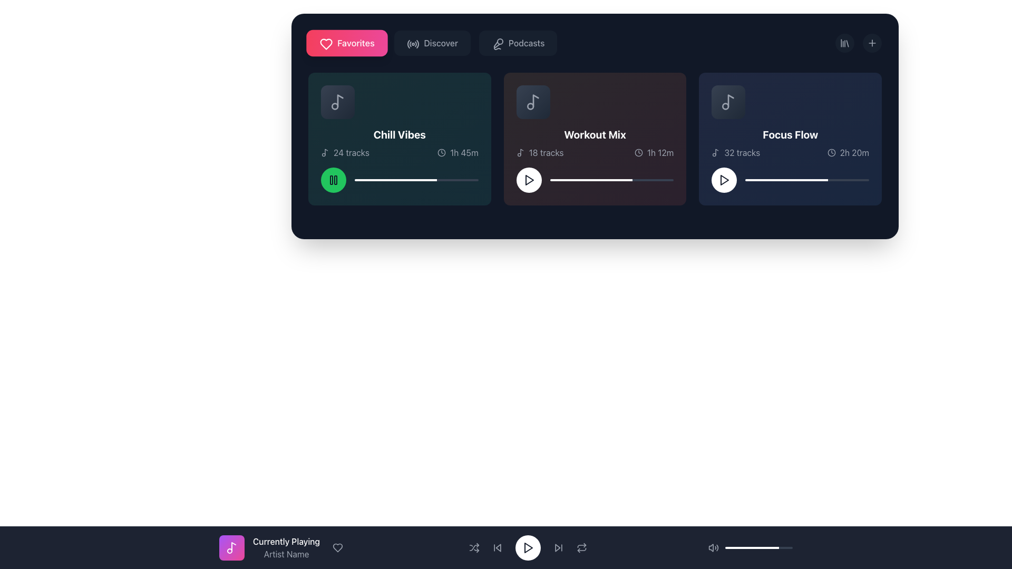 This screenshot has height=569, width=1012. Describe the element at coordinates (859, 180) in the screenshot. I see `the slider position` at that location.